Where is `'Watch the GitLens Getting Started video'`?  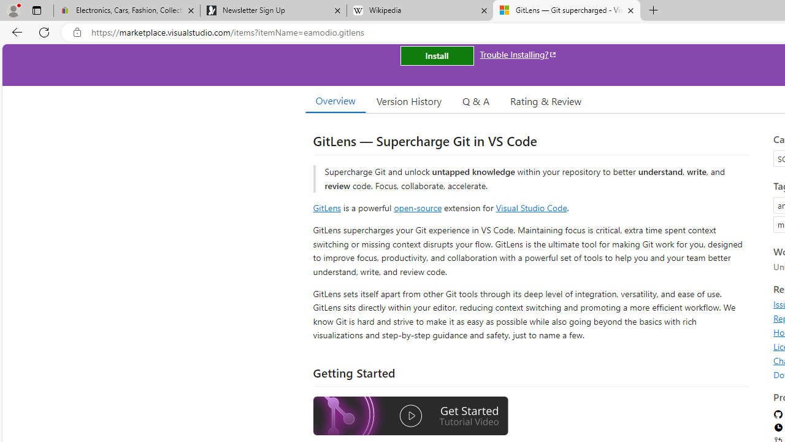
'Watch the GitLens Getting Started video' is located at coordinates (410, 417).